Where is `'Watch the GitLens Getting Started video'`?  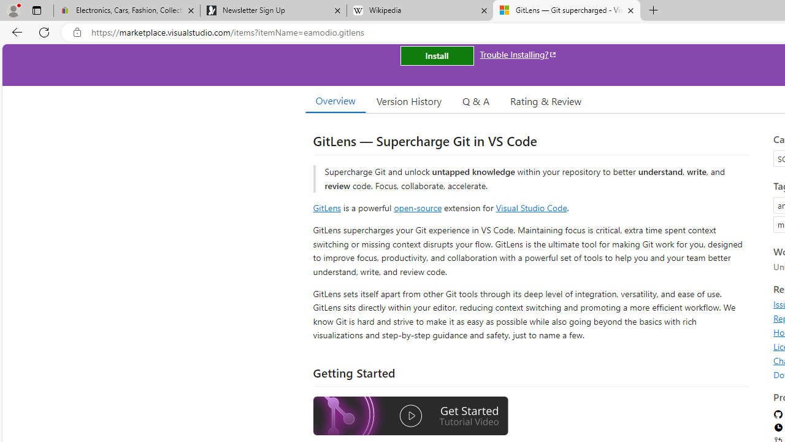
'Watch the GitLens Getting Started video' is located at coordinates (410, 417).